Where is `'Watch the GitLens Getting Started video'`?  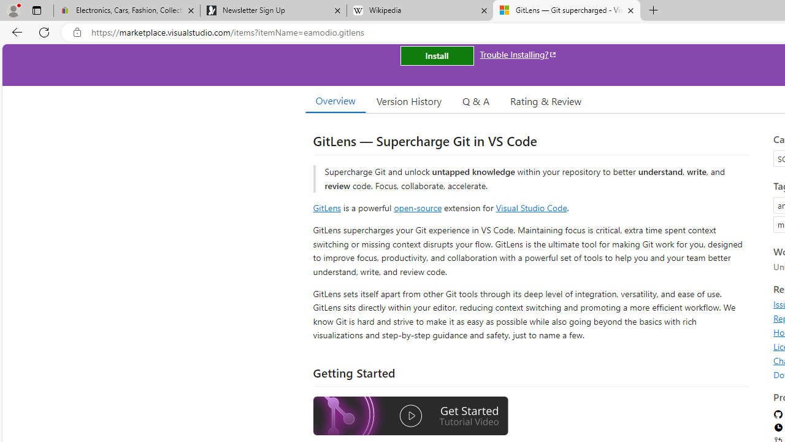
'Watch the GitLens Getting Started video' is located at coordinates (410, 417).